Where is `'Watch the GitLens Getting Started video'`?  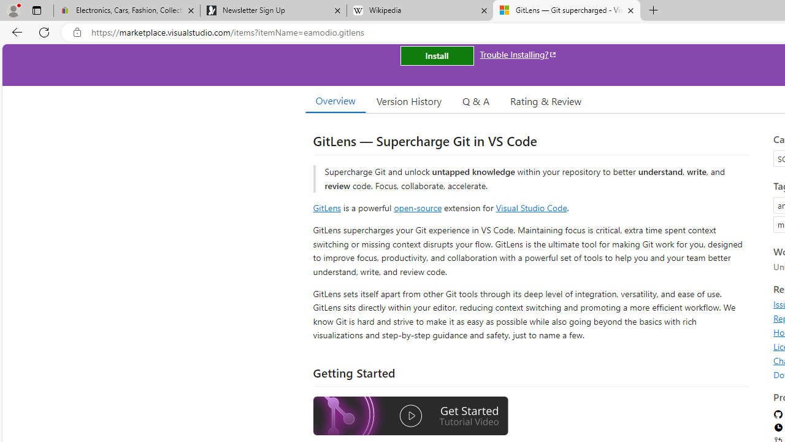
'Watch the GitLens Getting Started video' is located at coordinates (410, 417).